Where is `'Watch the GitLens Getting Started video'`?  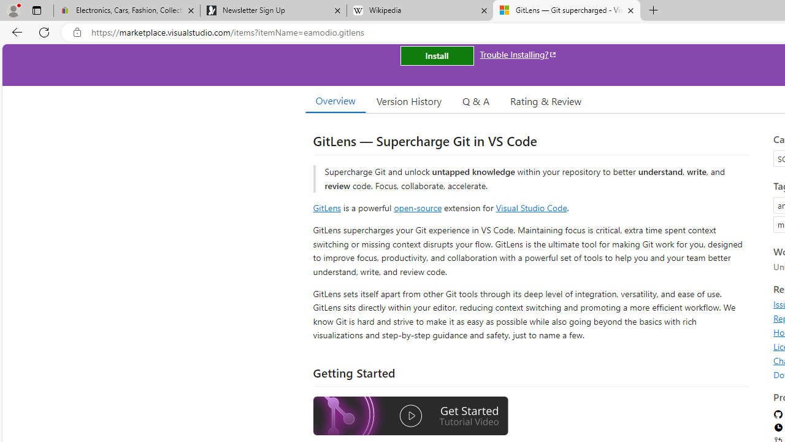
'Watch the GitLens Getting Started video' is located at coordinates (410, 417).